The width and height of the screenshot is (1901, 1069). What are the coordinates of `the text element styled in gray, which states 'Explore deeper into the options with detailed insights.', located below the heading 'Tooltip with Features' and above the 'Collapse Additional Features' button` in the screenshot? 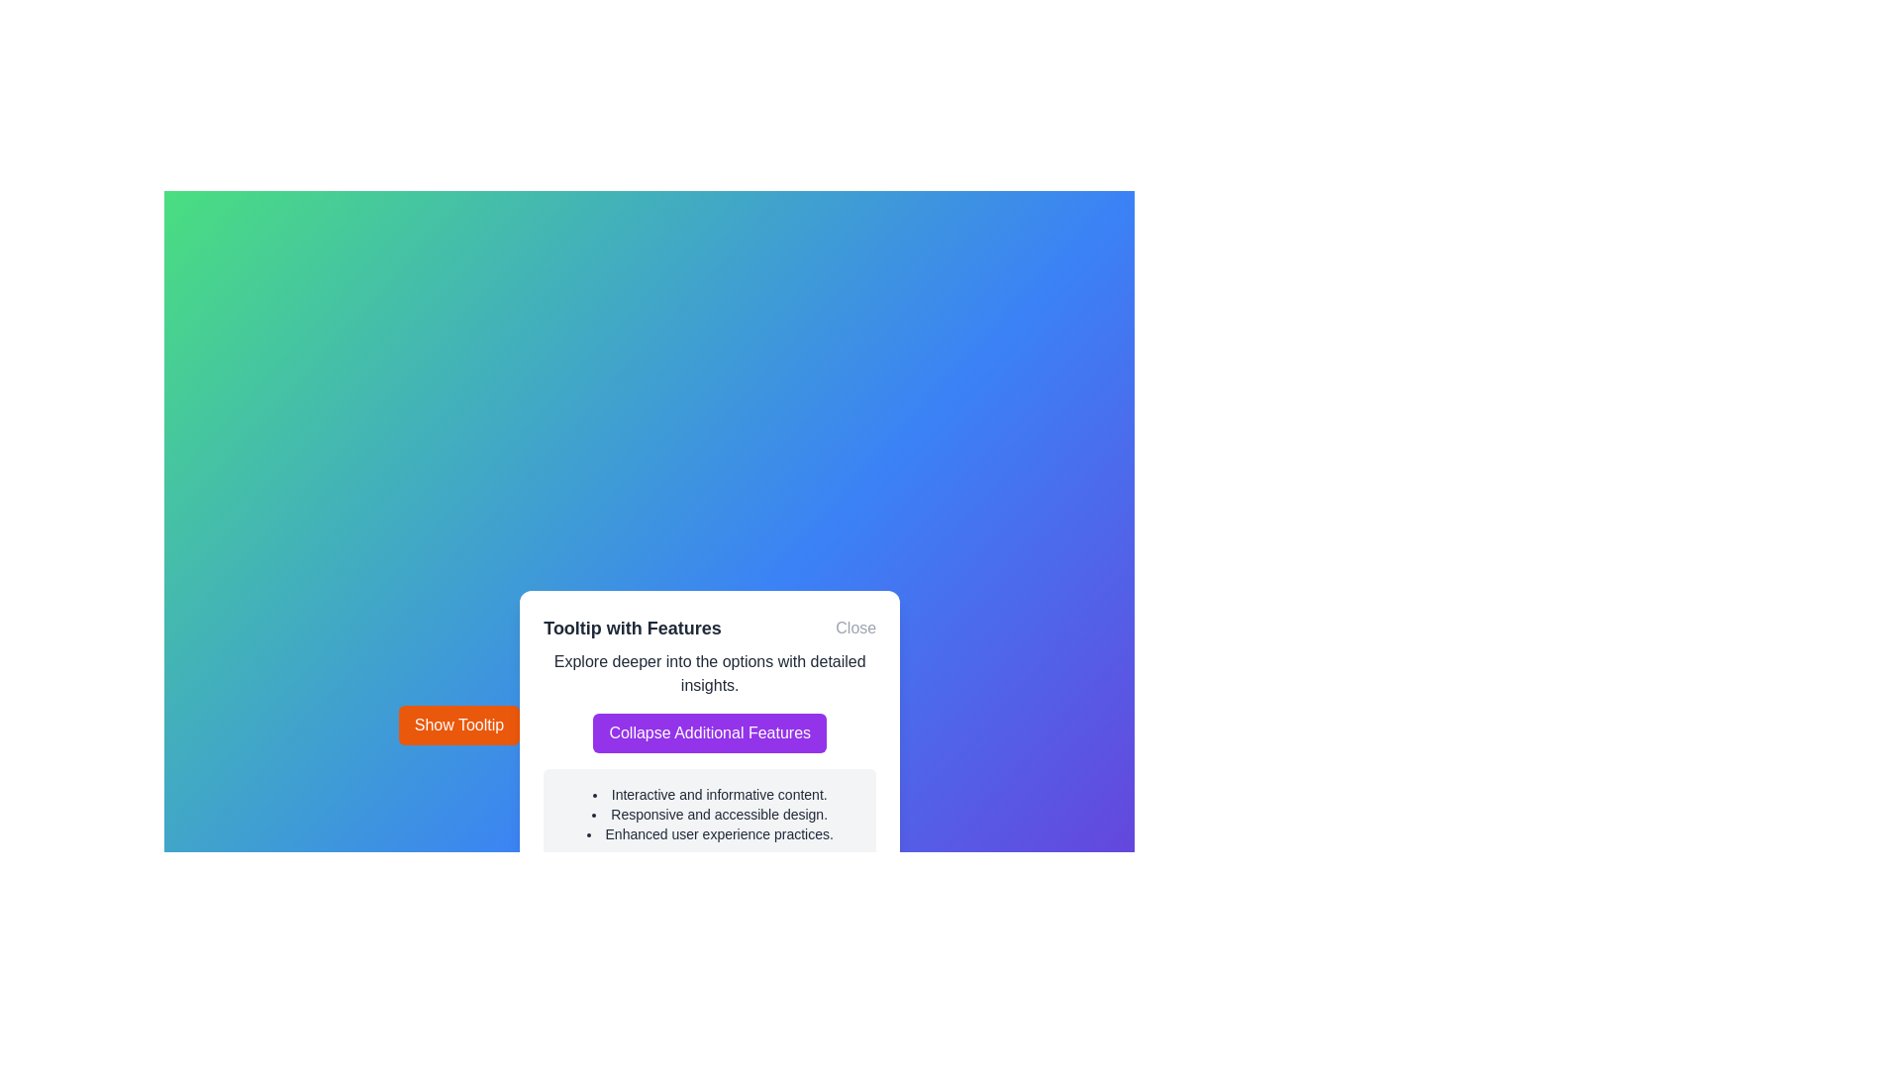 It's located at (710, 673).